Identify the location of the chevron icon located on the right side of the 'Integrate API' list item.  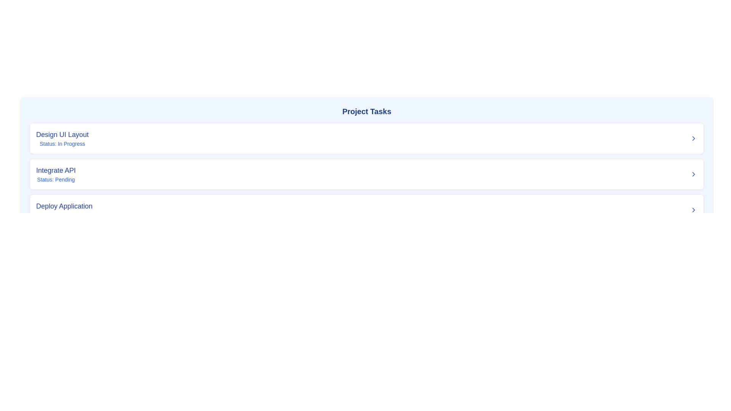
(694, 174).